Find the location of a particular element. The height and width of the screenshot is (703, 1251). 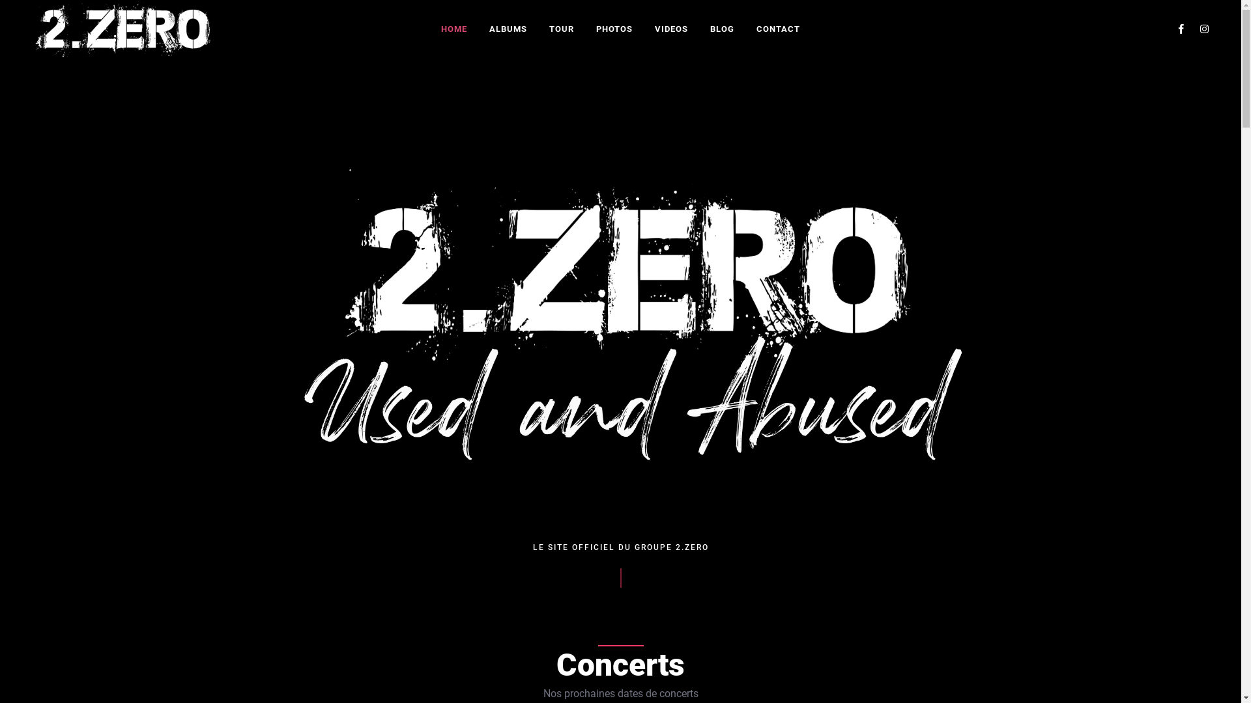

'VIDEOS' is located at coordinates (644, 29).